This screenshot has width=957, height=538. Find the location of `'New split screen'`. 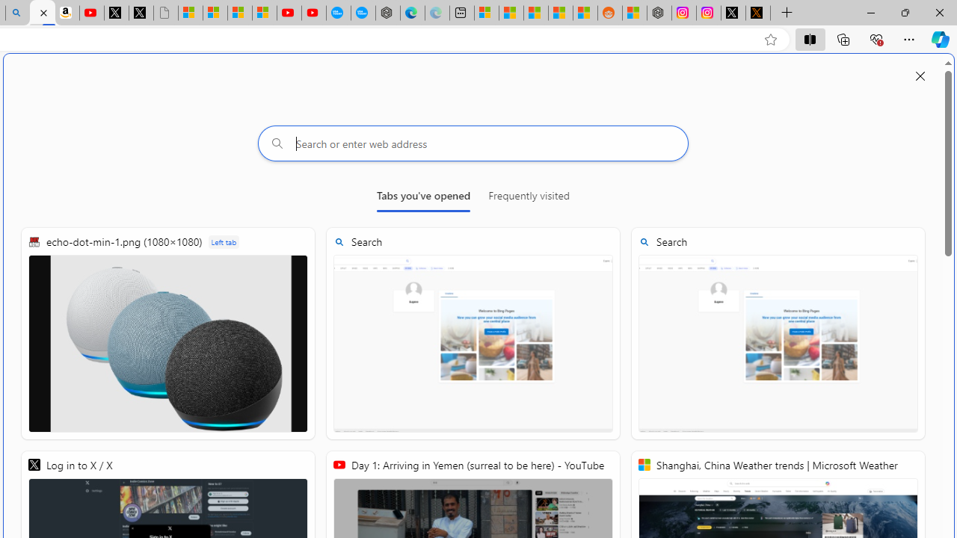

'New split screen' is located at coordinates (42, 13).